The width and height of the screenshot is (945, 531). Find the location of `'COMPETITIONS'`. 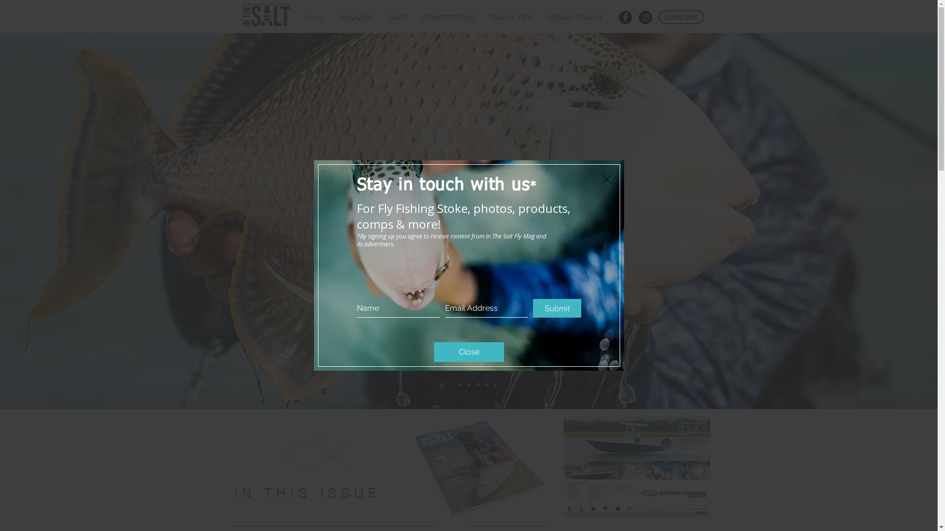

'COMPETITIONS' is located at coordinates (448, 18).